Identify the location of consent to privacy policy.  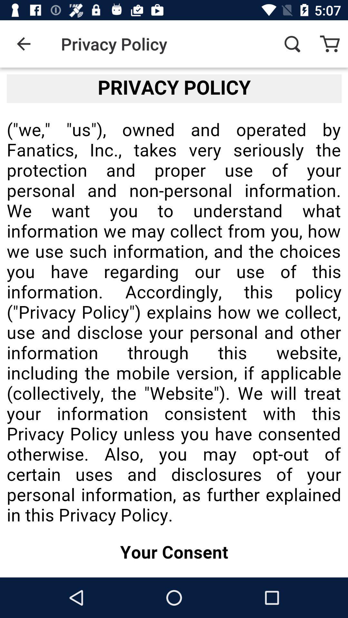
(174, 323).